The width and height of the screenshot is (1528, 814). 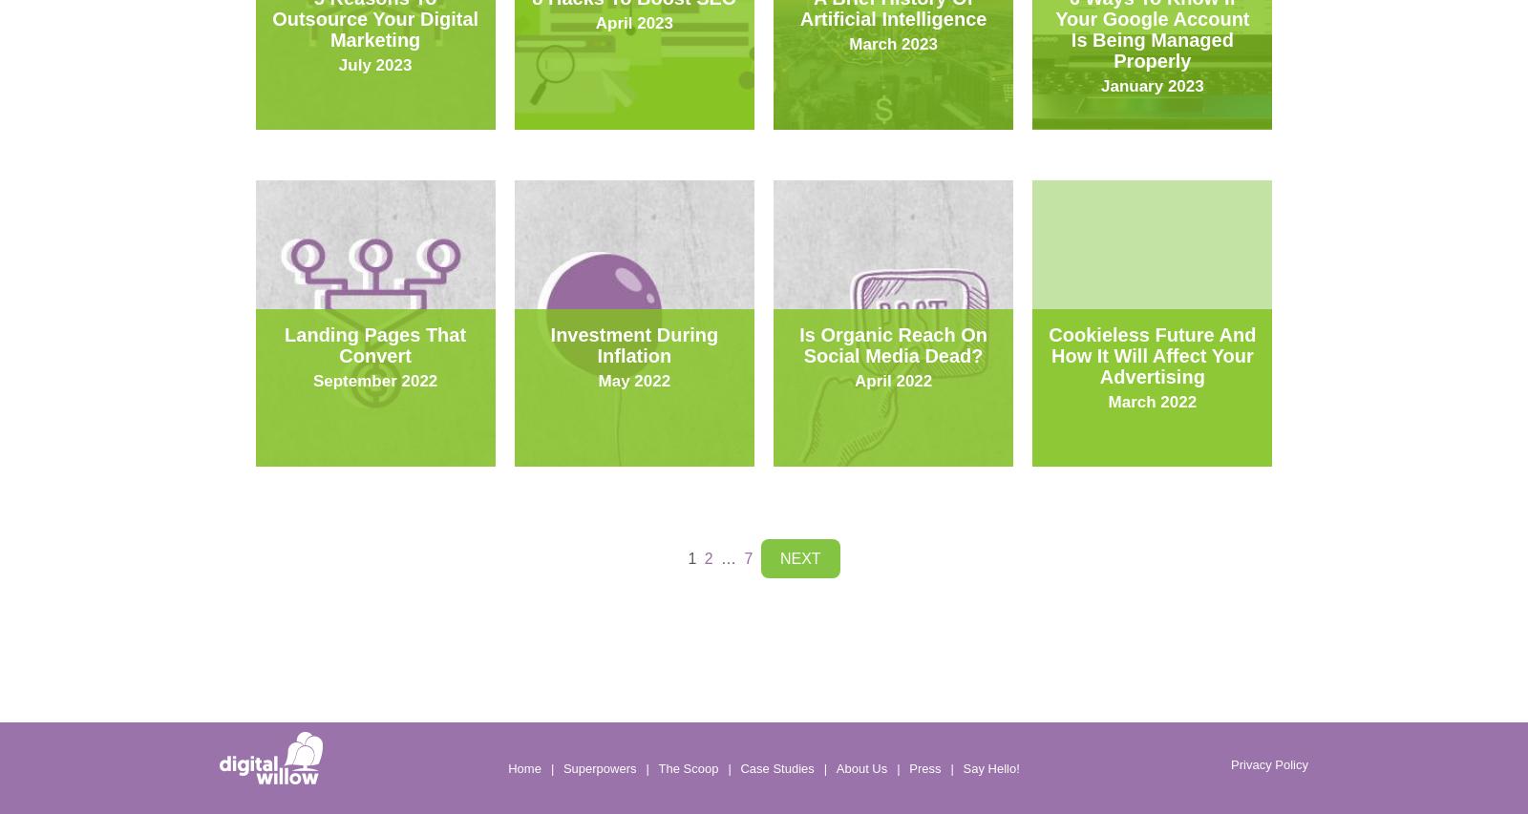 I want to click on 'Superpowers', so click(x=599, y=766).